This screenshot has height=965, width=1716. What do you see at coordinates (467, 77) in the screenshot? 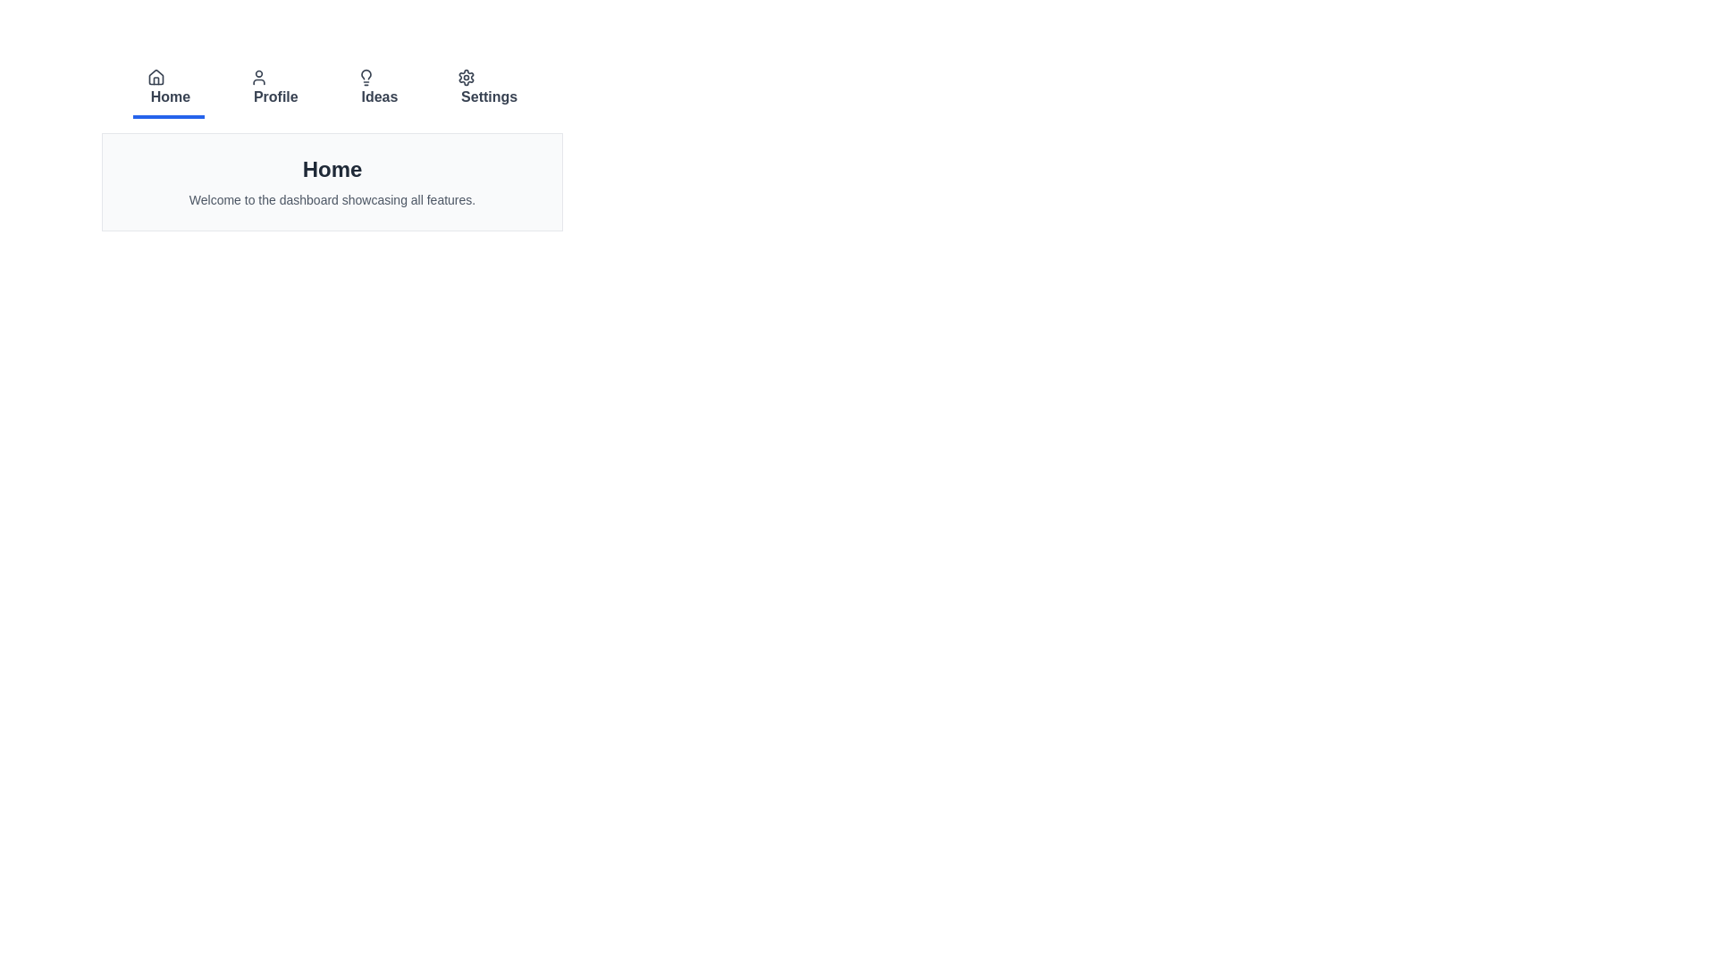
I see `the icon of the tab labeled 'Settings' to examine its details` at bounding box center [467, 77].